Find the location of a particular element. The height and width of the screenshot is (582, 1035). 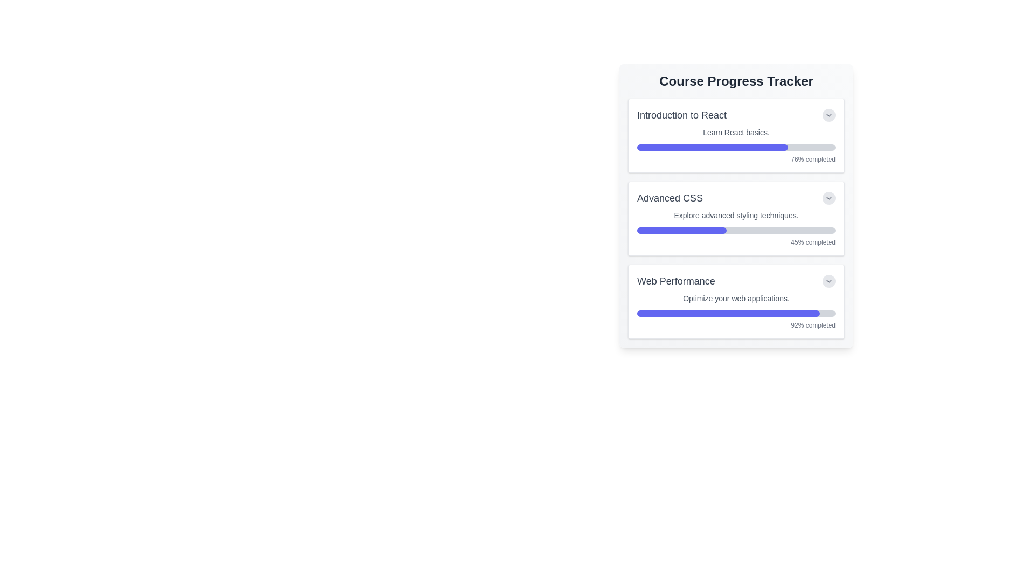

the progress bar of the 'Web Performance' Progress Card, which is the third card in the Course Progress Tracker, to adjust its value or view details is located at coordinates (736, 301).